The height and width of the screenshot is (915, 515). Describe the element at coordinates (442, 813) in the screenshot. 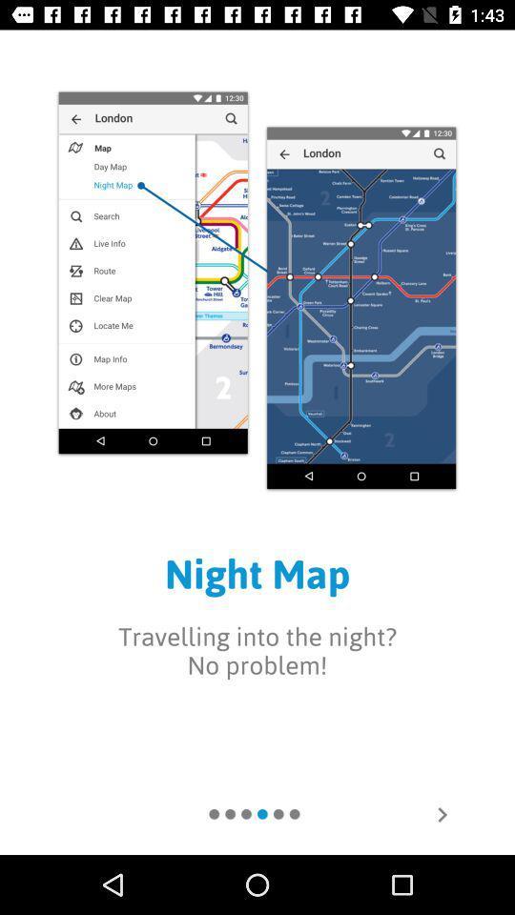

I see `the icon at the bottom right corner` at that location.